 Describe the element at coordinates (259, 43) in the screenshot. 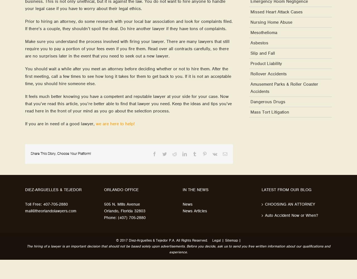

I see `'Asbestos'` at that location.